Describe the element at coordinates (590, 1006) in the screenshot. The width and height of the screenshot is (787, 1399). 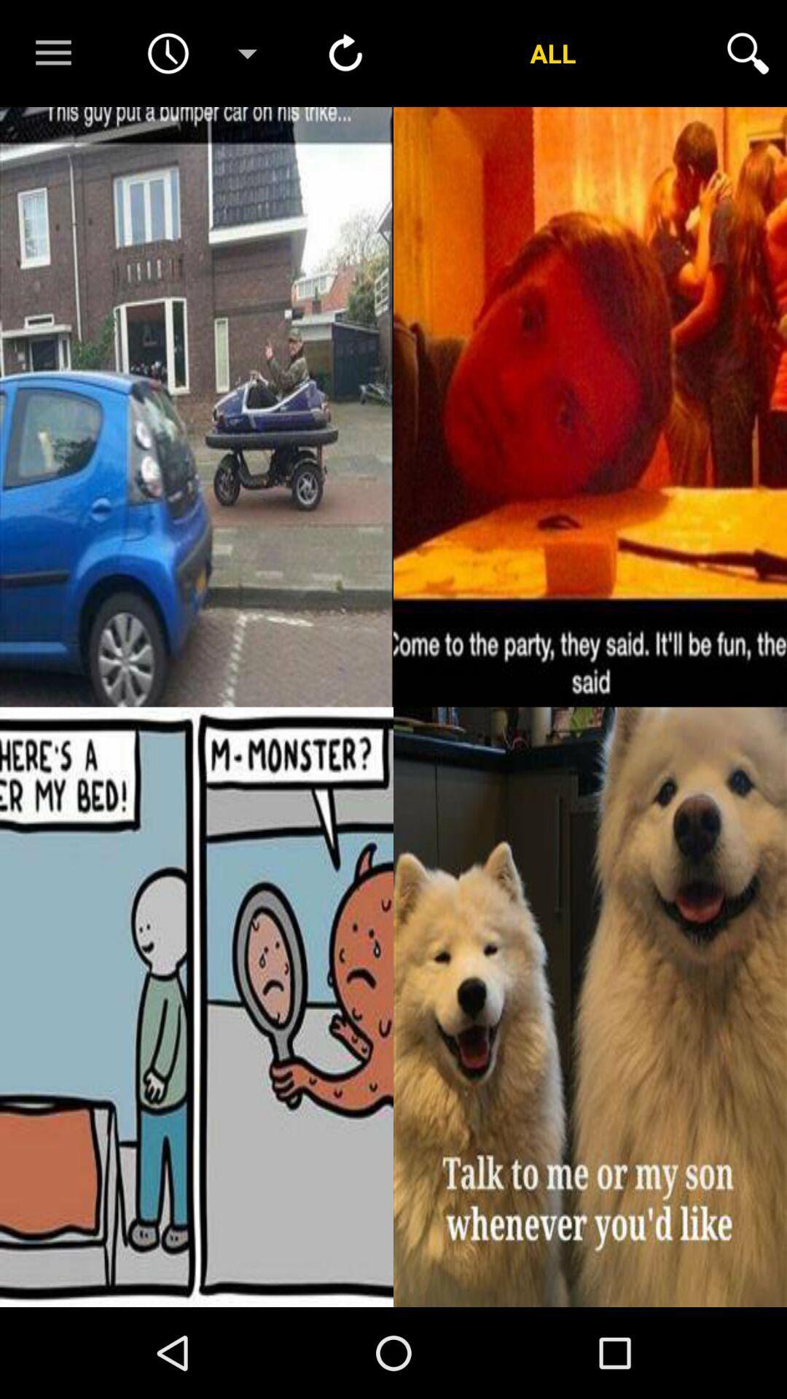
I see `image` at that location.